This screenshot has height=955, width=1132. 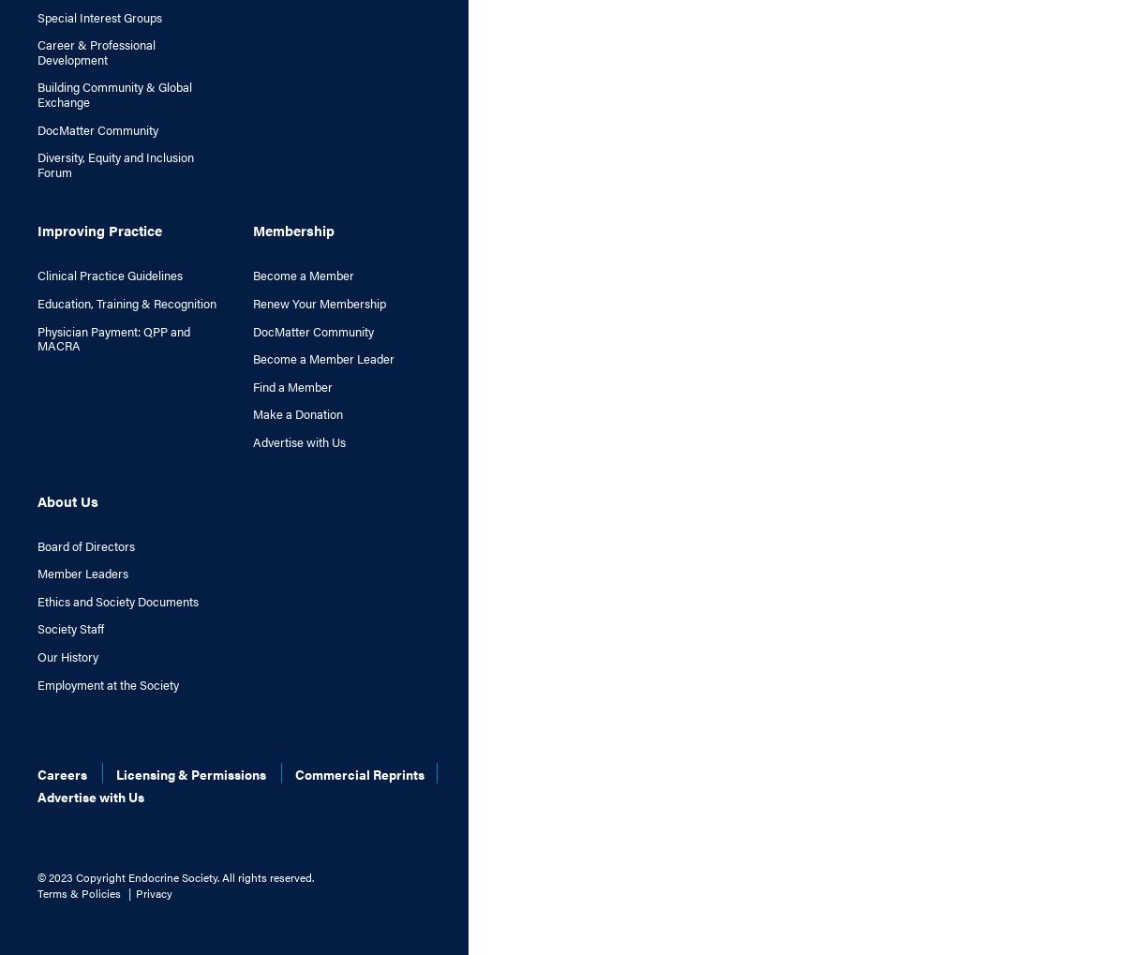 What do you see at coordinates (61, 774) in the screenshot?
I see `'Careers'` at bounding box center [61, 774].